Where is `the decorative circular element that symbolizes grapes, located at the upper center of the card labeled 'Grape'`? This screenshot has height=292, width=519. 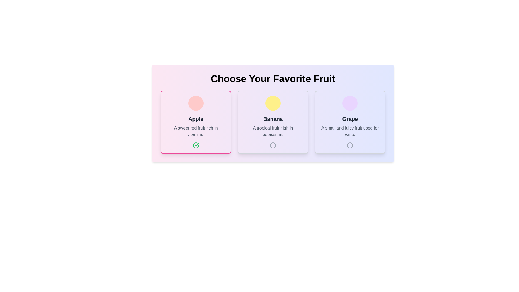 the decorative circular element that symbolizes grapes, located at the upper center of the card labeled 'Grape' is located at coordinates (350, 103).